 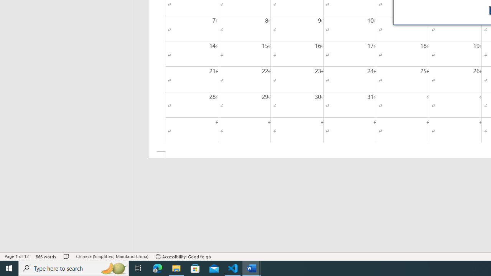 I want to click on 'File Explorer - 1 running window', so click(x=176, y=268).